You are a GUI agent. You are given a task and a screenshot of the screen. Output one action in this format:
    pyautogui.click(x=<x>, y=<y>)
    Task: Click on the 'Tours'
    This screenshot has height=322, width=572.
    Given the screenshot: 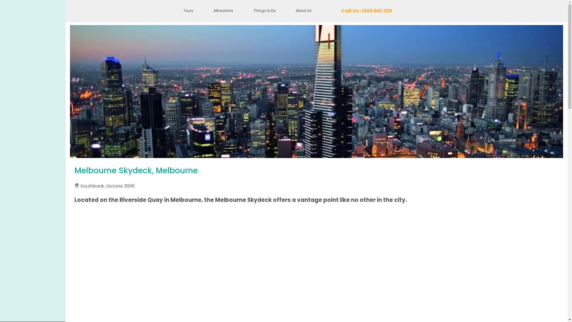 What is the action you would take?
    pyautogui.click(x=188, y=11)
    